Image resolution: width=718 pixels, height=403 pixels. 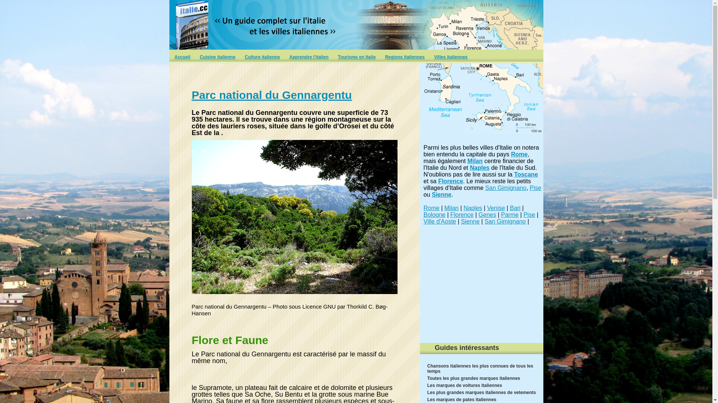 What do you see at coordinates (513, 174) in the screenshot?
I see `'Toscane'` at bounding box center [513, 174].